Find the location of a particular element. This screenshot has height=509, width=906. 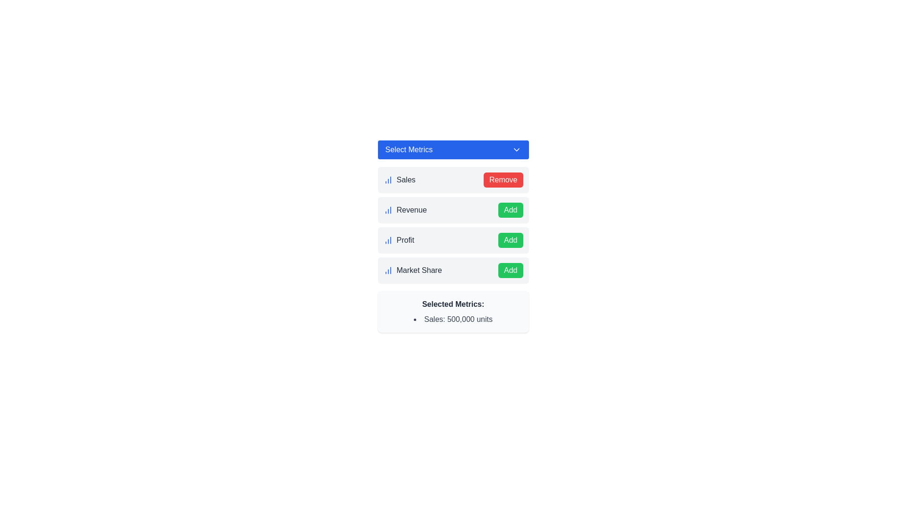

the 'Market Share' label, which is styled in gray and accompanied by a blue icon of increasing columns is located at coordinates (412, 271).